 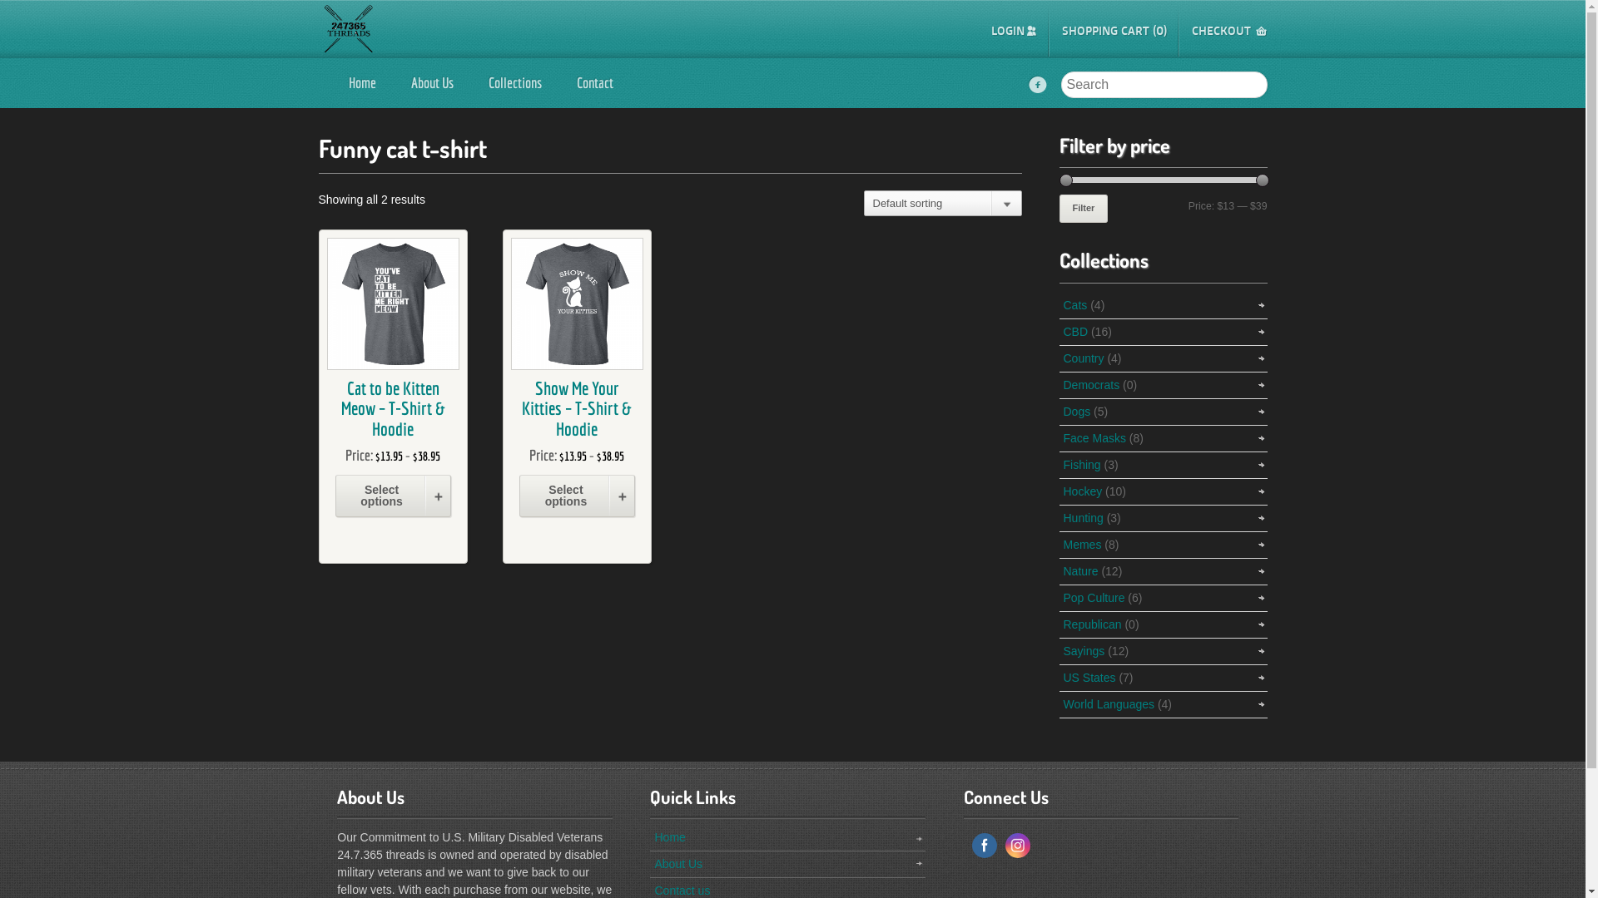 I want to click on 'Sayings', so click(x=1084, y=650).